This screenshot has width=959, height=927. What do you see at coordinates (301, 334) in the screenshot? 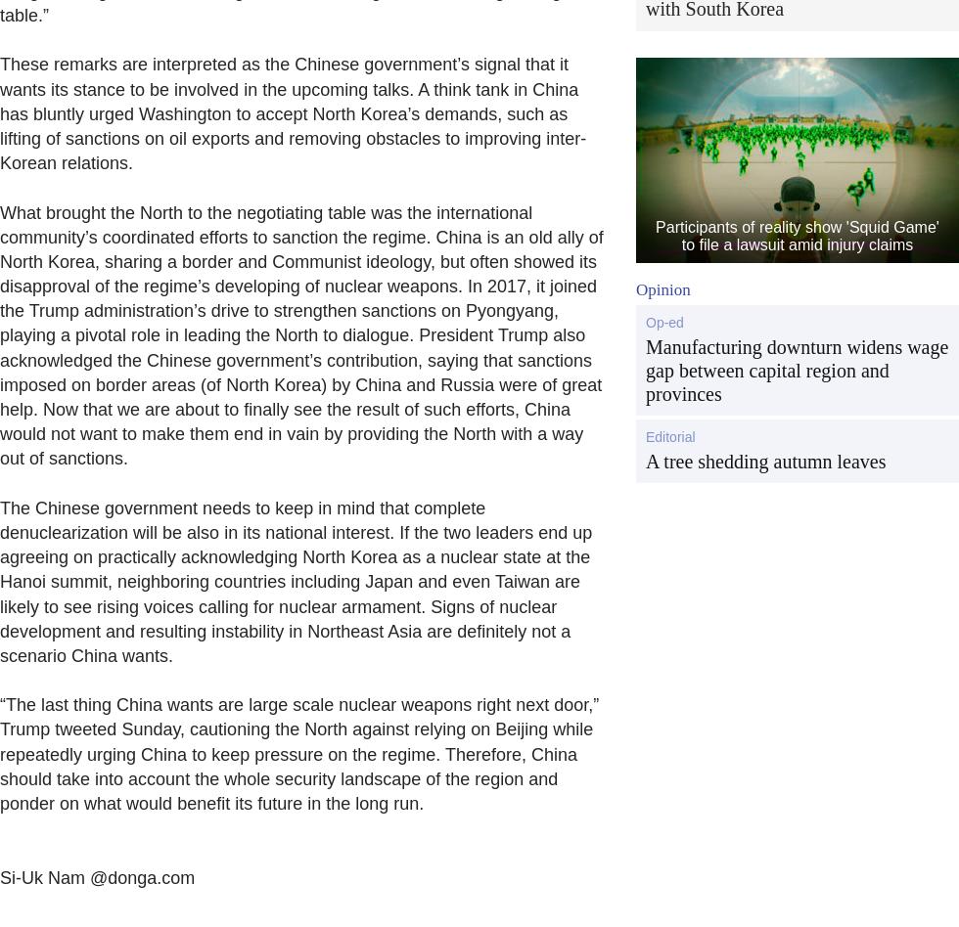
I see `'What brought the North to the negotiating table was the international community’s coordinated efforts to sanction the regime. China is an old ally of North Korea, sharing a border and Communist ideology, but often showed its disapproval of the regime’s developing of nuclear weapons. In 2017, it joined the Trump administration’s drive to strengthen sanctions on Pyongyang, playing a pivotal role in leading the North to dialogue. President Trump also acknowledged the Chinese government’s contribution, saying that sanctions imposed on border areas (of North Korea) by China and Russia were of great help. Now that we are about to finally see the result of such efforts, China would not want to make them end in vain by providing the North with a way out of sanctions.'` at bounding box center [301, 334].